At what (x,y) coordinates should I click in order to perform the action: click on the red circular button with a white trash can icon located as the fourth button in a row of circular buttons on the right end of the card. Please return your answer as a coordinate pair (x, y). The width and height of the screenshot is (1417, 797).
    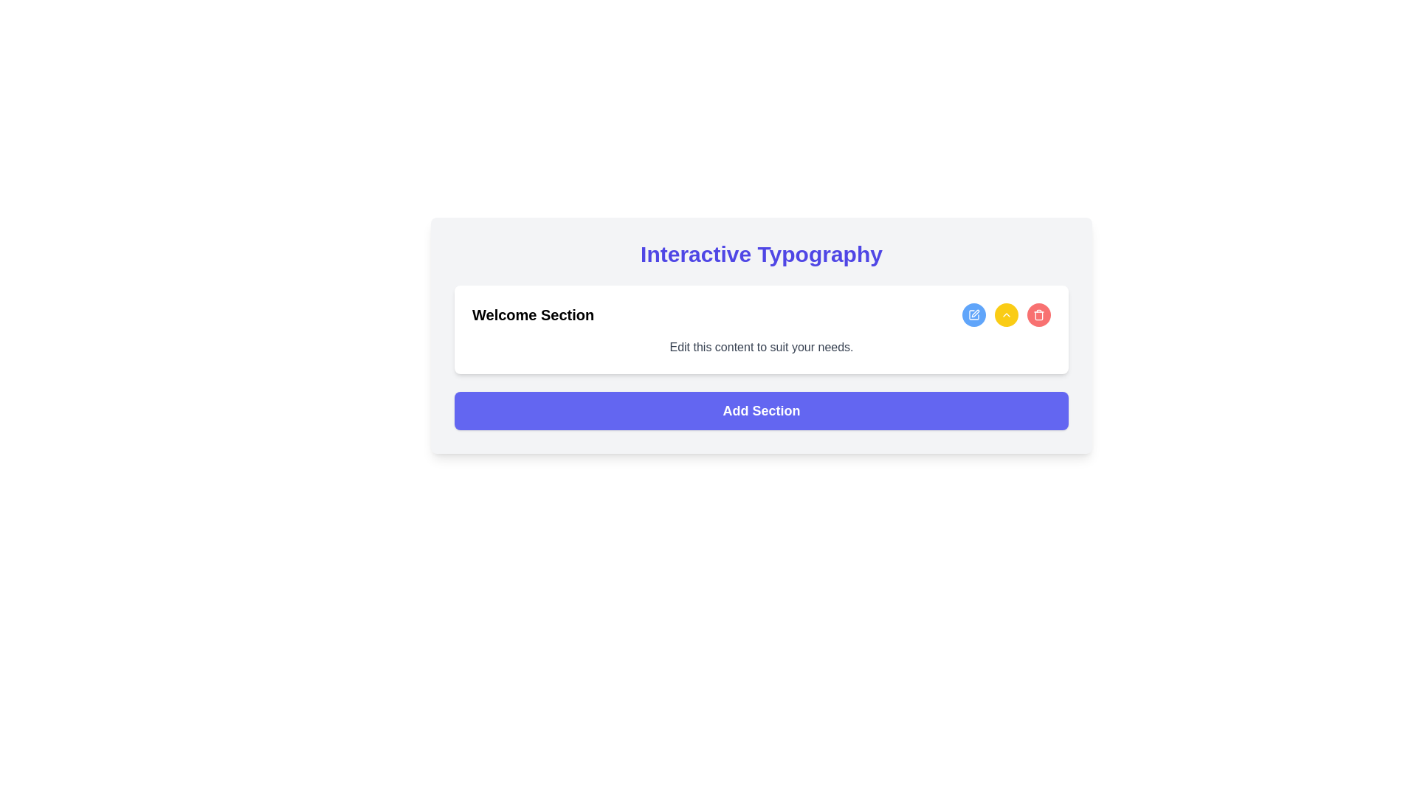
    Looking at the image, I should click on (1038, 314).